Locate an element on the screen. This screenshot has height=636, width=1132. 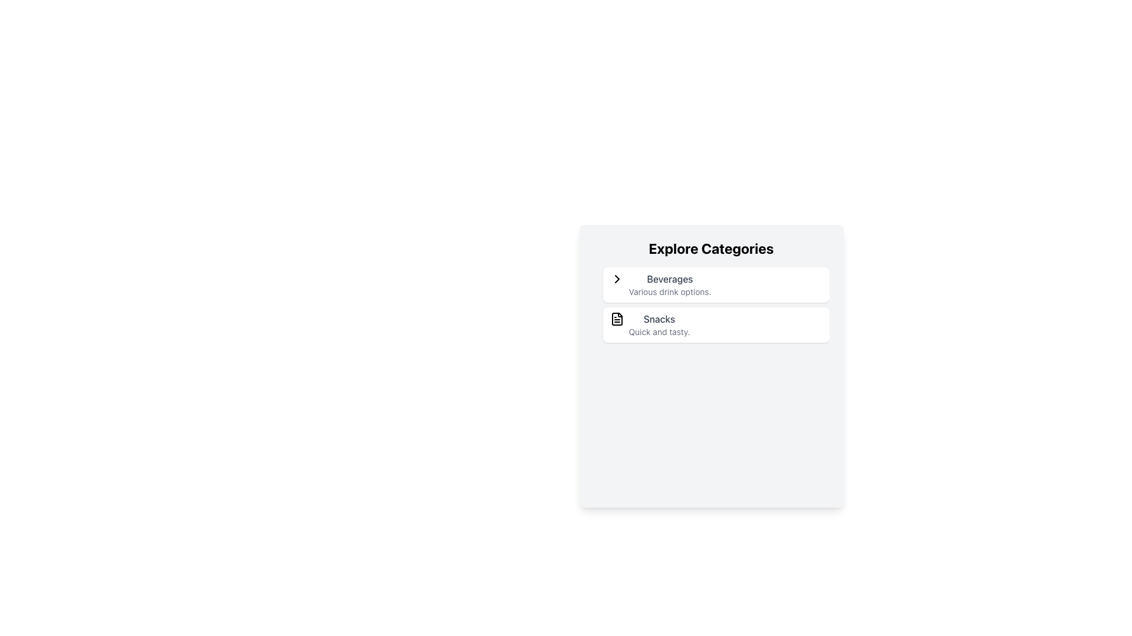
the 'Snacks' text label is located at coordinates (659, 319).